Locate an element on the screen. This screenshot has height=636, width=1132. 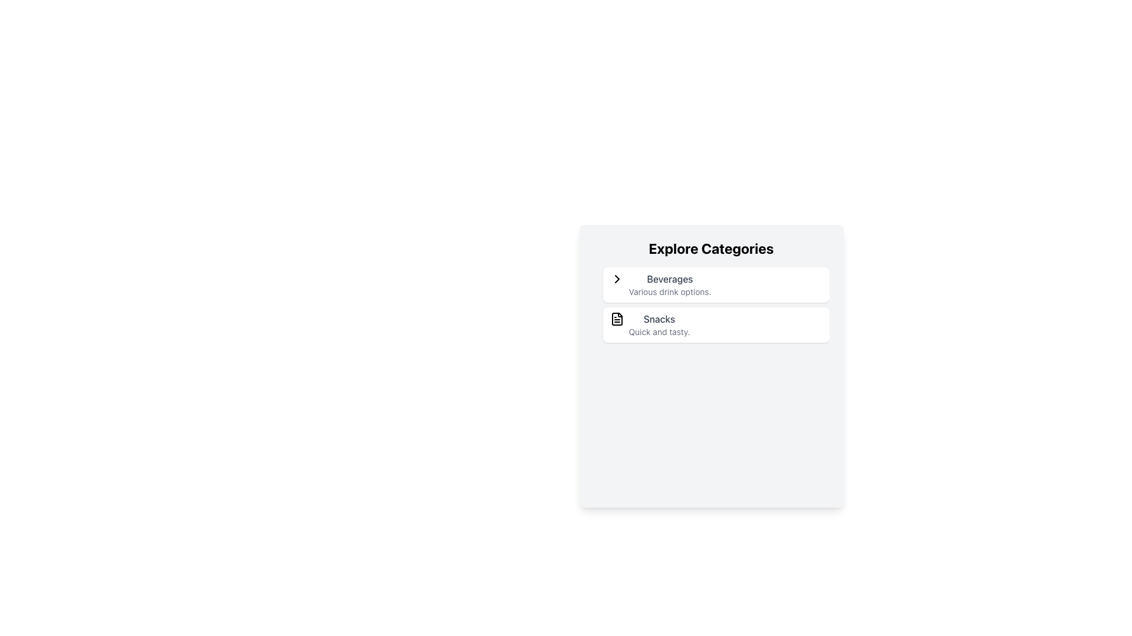
the 'Snacks' text label is located at coordinates (659, 319).